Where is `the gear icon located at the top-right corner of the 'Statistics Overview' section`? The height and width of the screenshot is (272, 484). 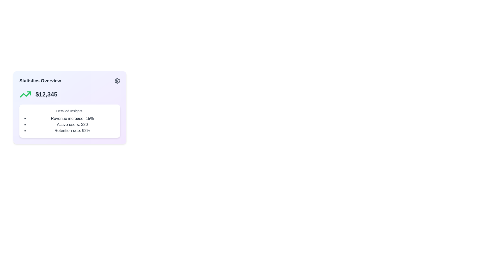 the gear icon located at the top-right corner of the 'Statistics Overview' section is located at coordinates (117, 80).